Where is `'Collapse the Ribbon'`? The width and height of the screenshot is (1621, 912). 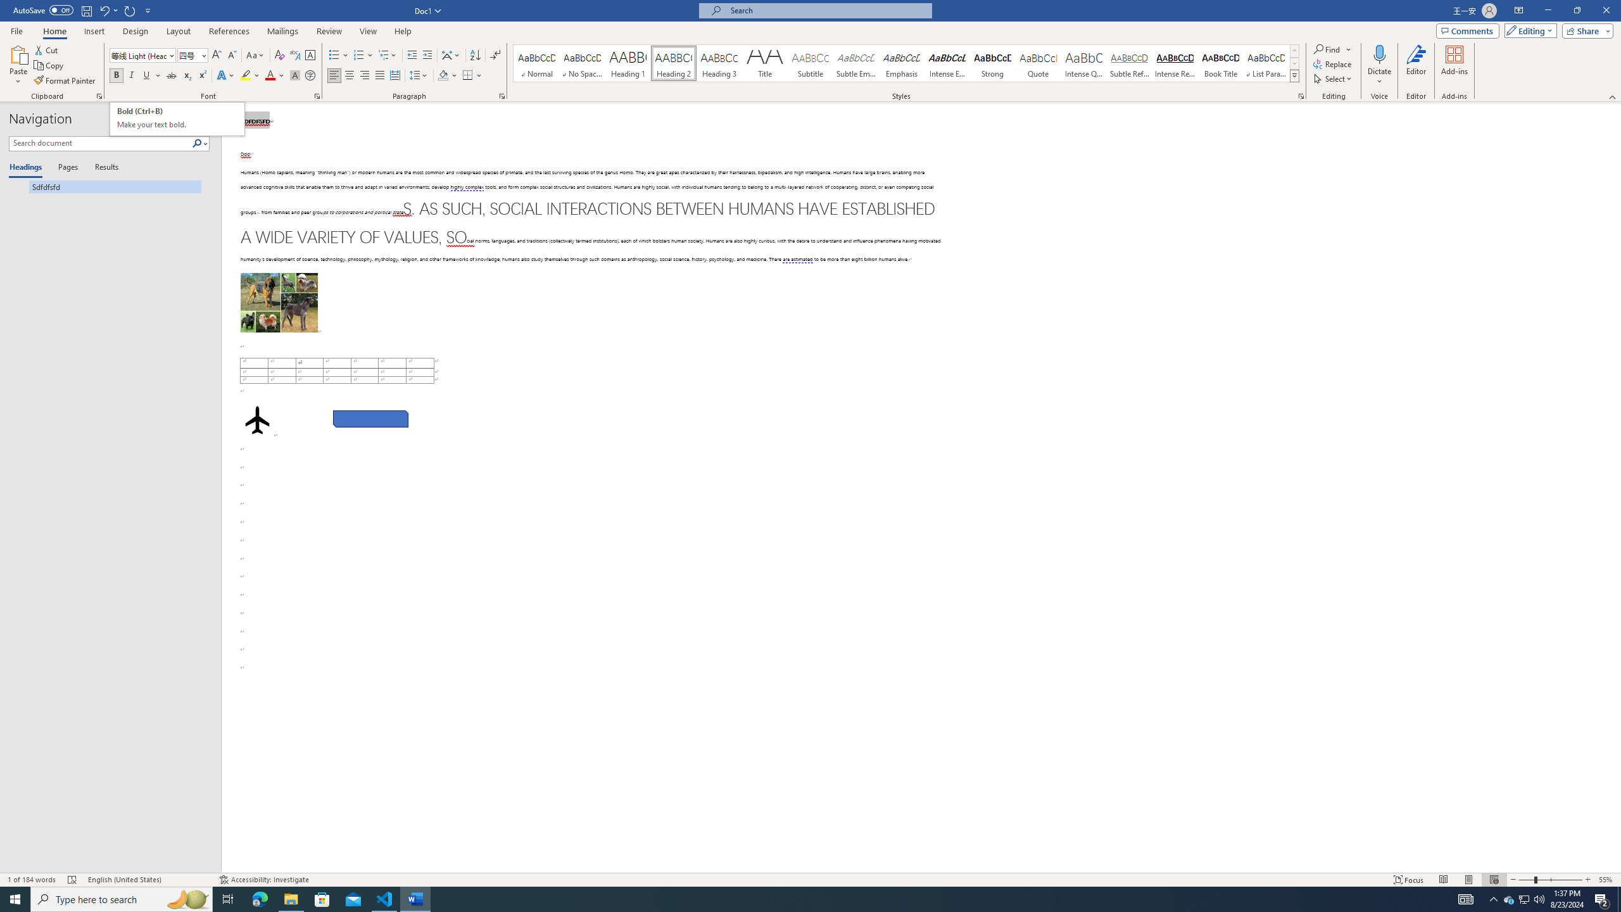 'Collapse the Ribbon' is located at coordinates (1613, 97).